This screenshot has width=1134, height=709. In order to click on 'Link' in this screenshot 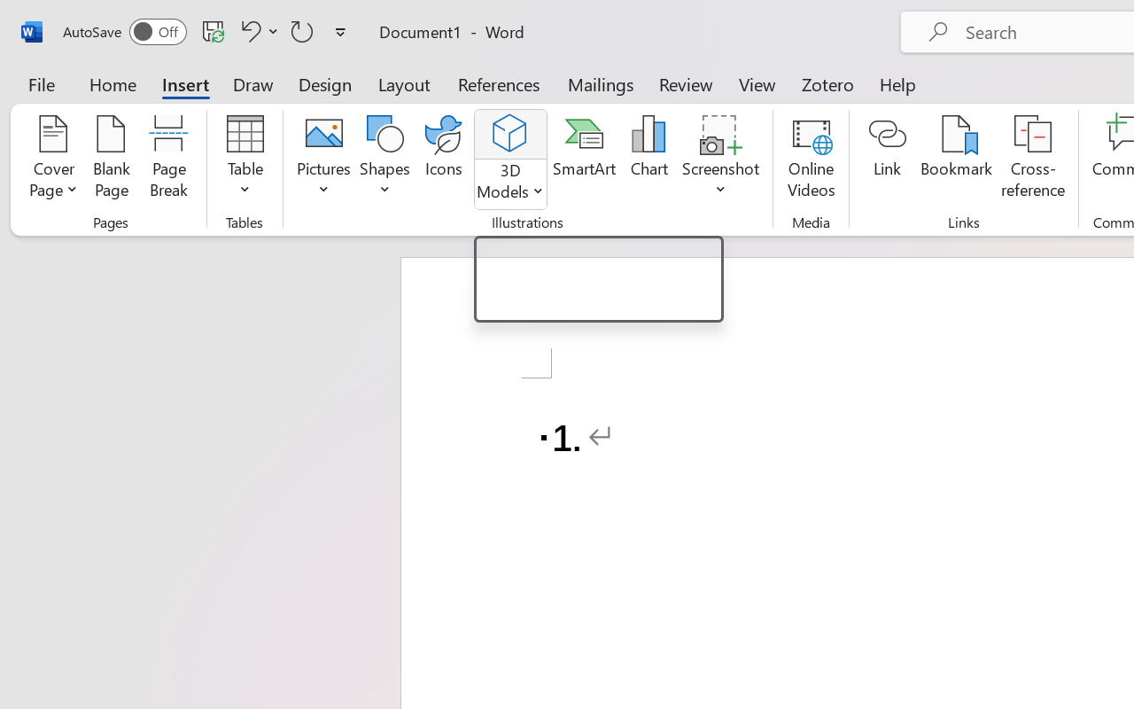, I will do `click(888, 159)`.